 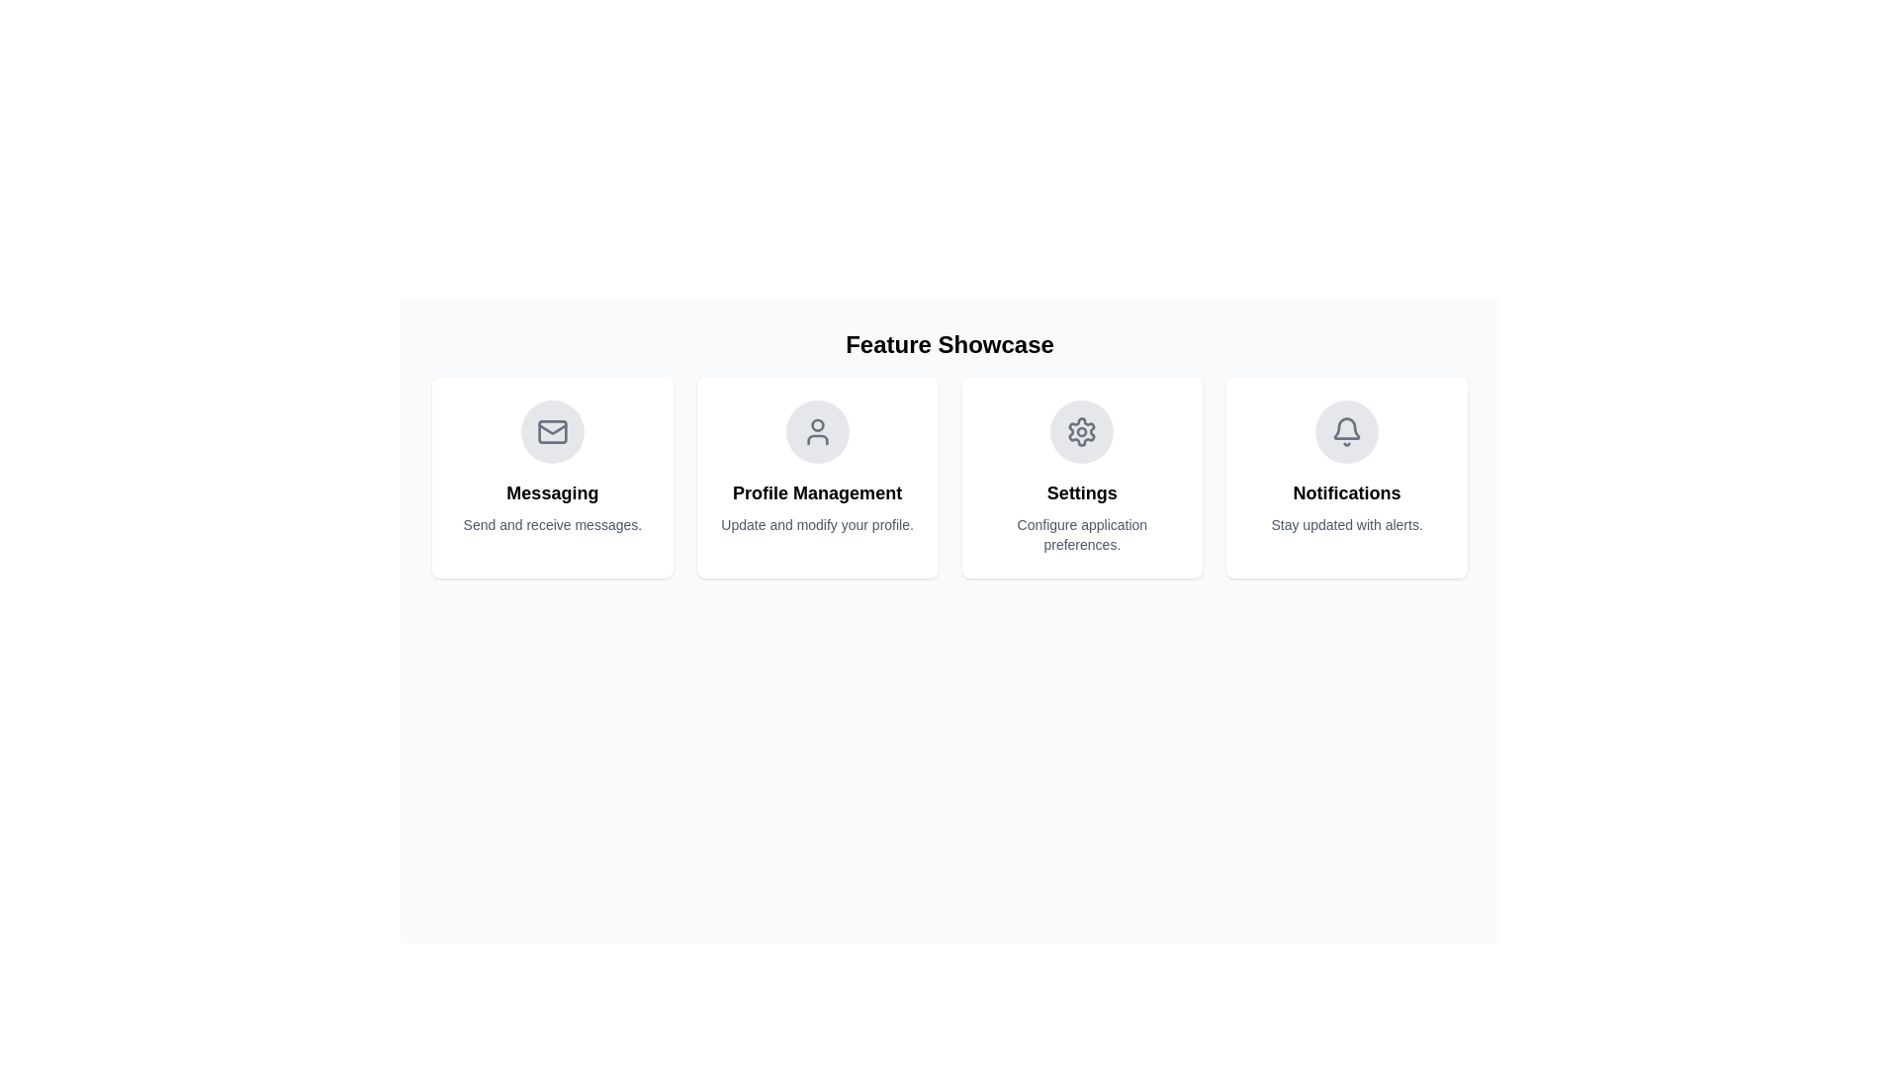 I want to click on descriptive text located directly below the bold 'Notifications' text within the fourth card from the left, so click(x=1346, y=524).